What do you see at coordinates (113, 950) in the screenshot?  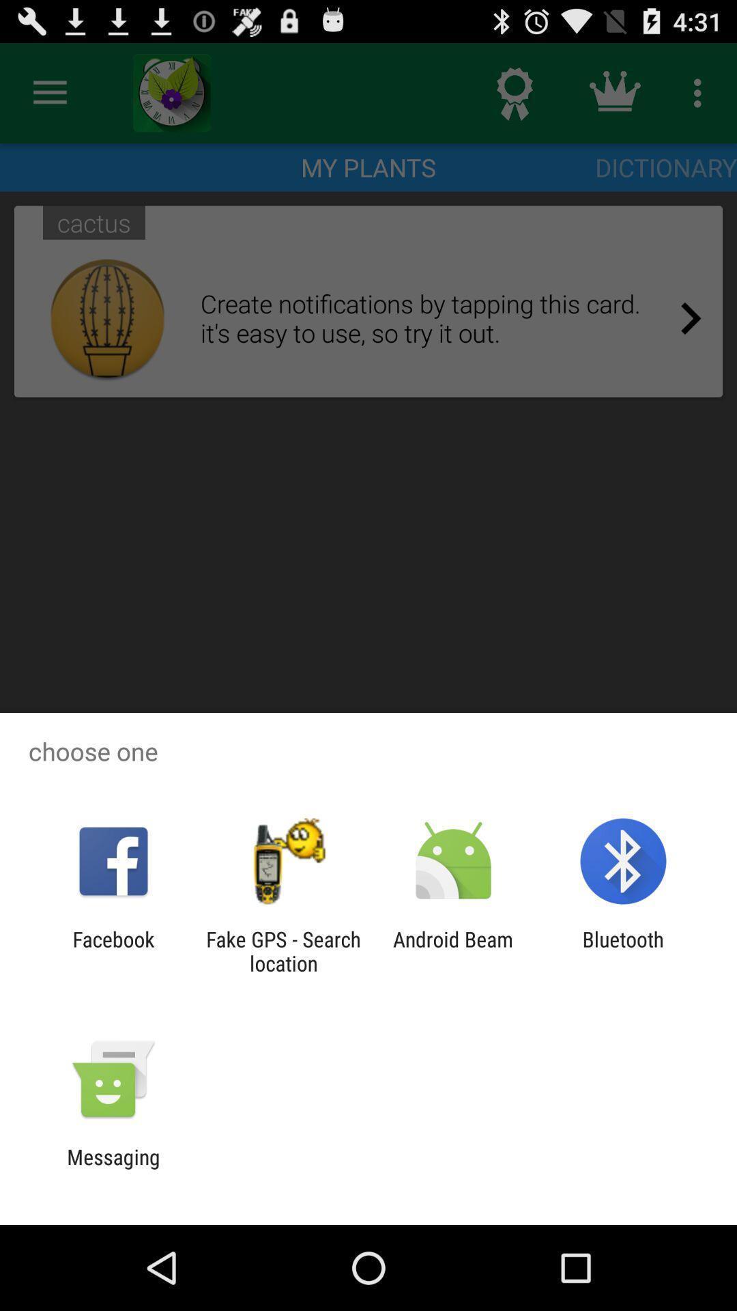 I see `app next to the fake gps search` at bounding box center [113, 950].